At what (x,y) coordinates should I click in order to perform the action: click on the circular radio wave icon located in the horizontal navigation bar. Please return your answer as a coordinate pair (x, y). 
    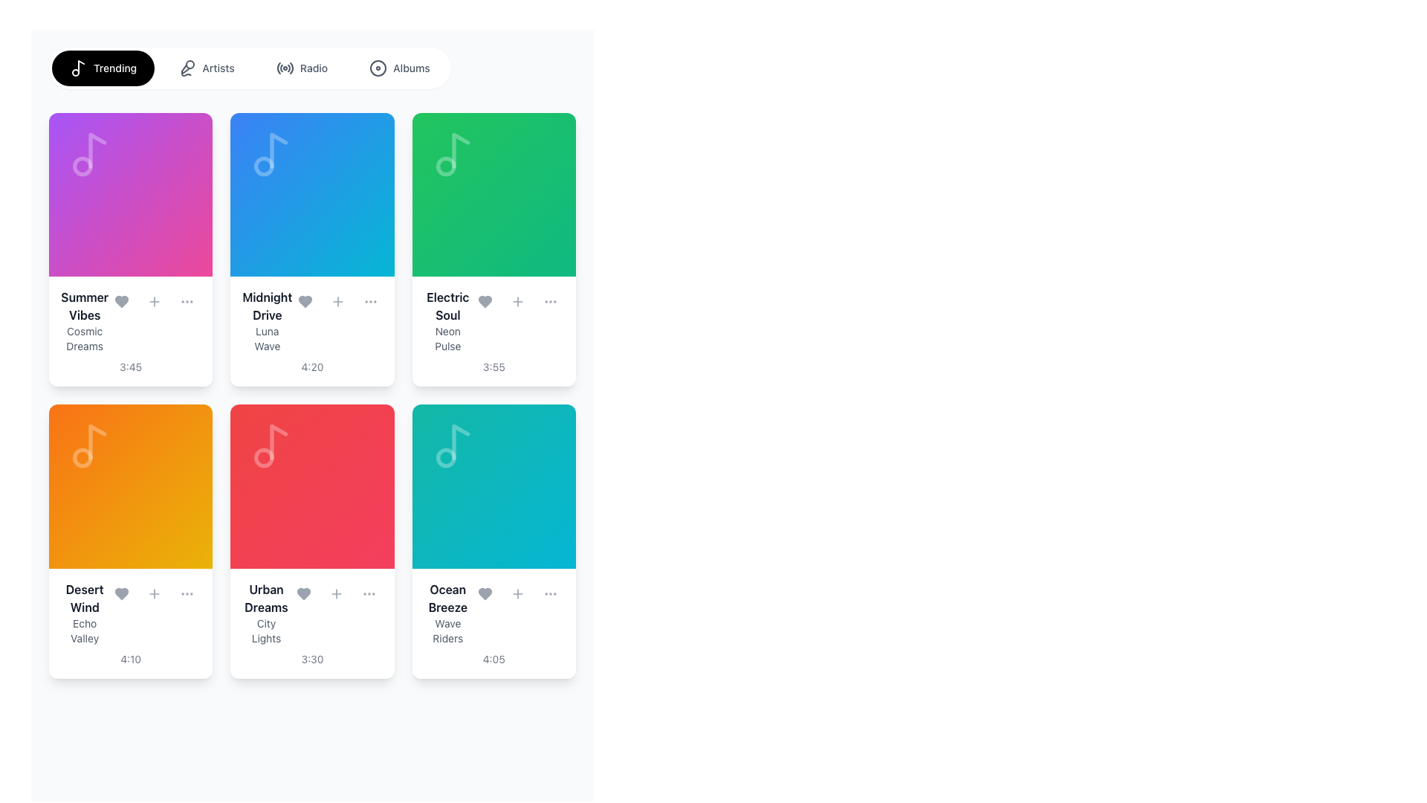
    Looking at the image, I should click on (285, 68).